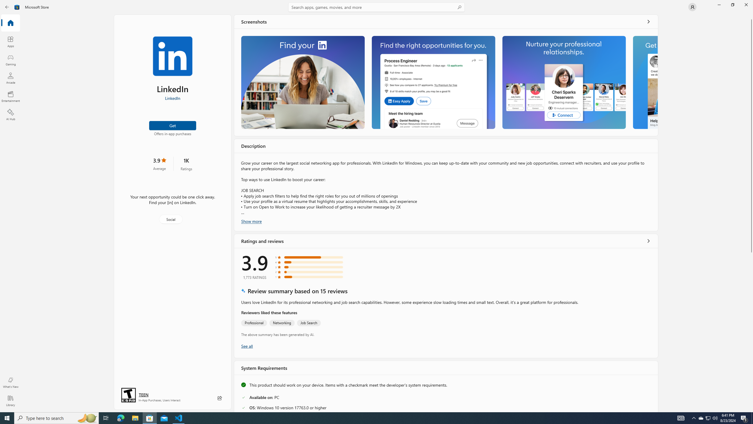 The width and height of the screenshot is (753, 424). What do you see at coordinates (7, 6) in the screenshot?
I see `'Back'` at bounding box center [7, 6].